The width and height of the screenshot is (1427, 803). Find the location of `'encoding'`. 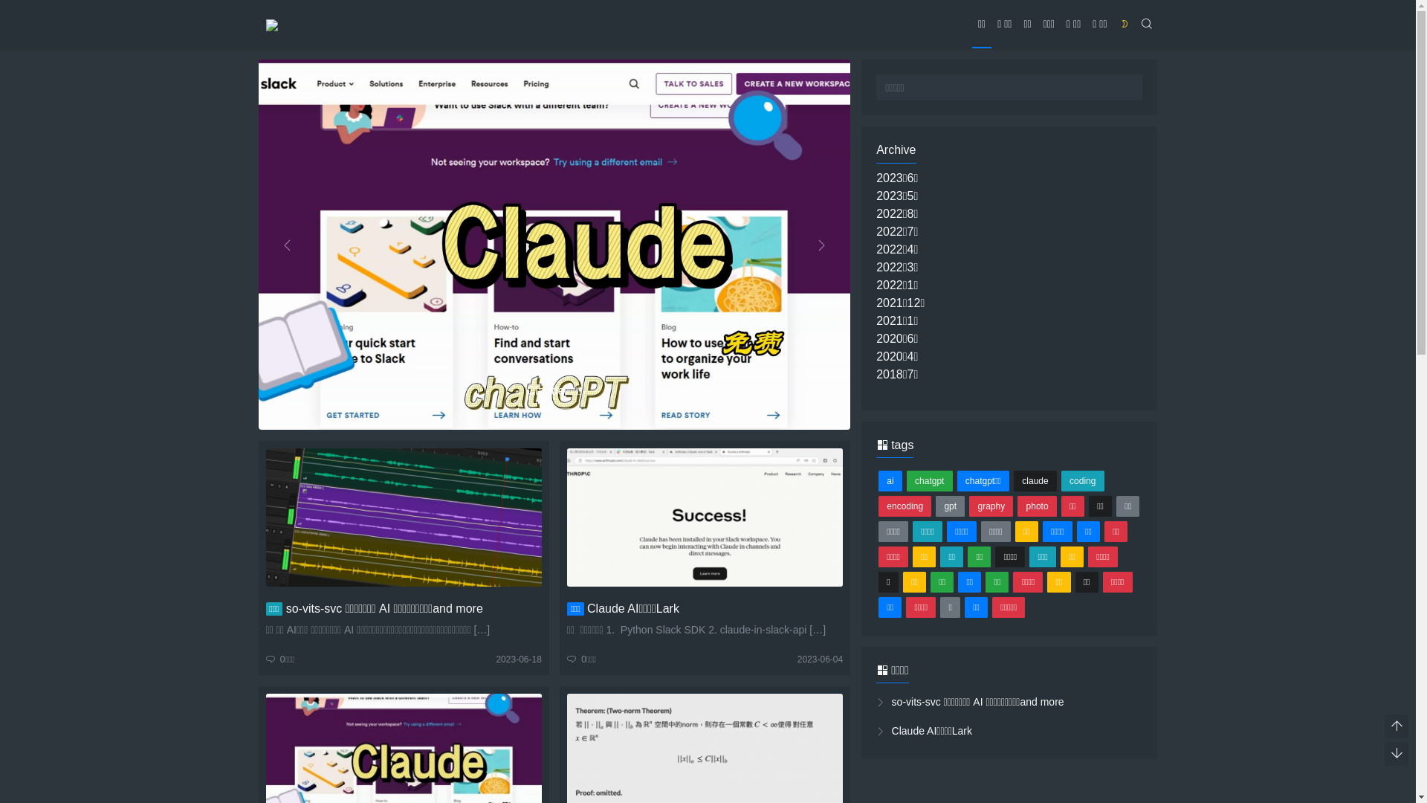

'encoding' is located at coordinates (878, 506).